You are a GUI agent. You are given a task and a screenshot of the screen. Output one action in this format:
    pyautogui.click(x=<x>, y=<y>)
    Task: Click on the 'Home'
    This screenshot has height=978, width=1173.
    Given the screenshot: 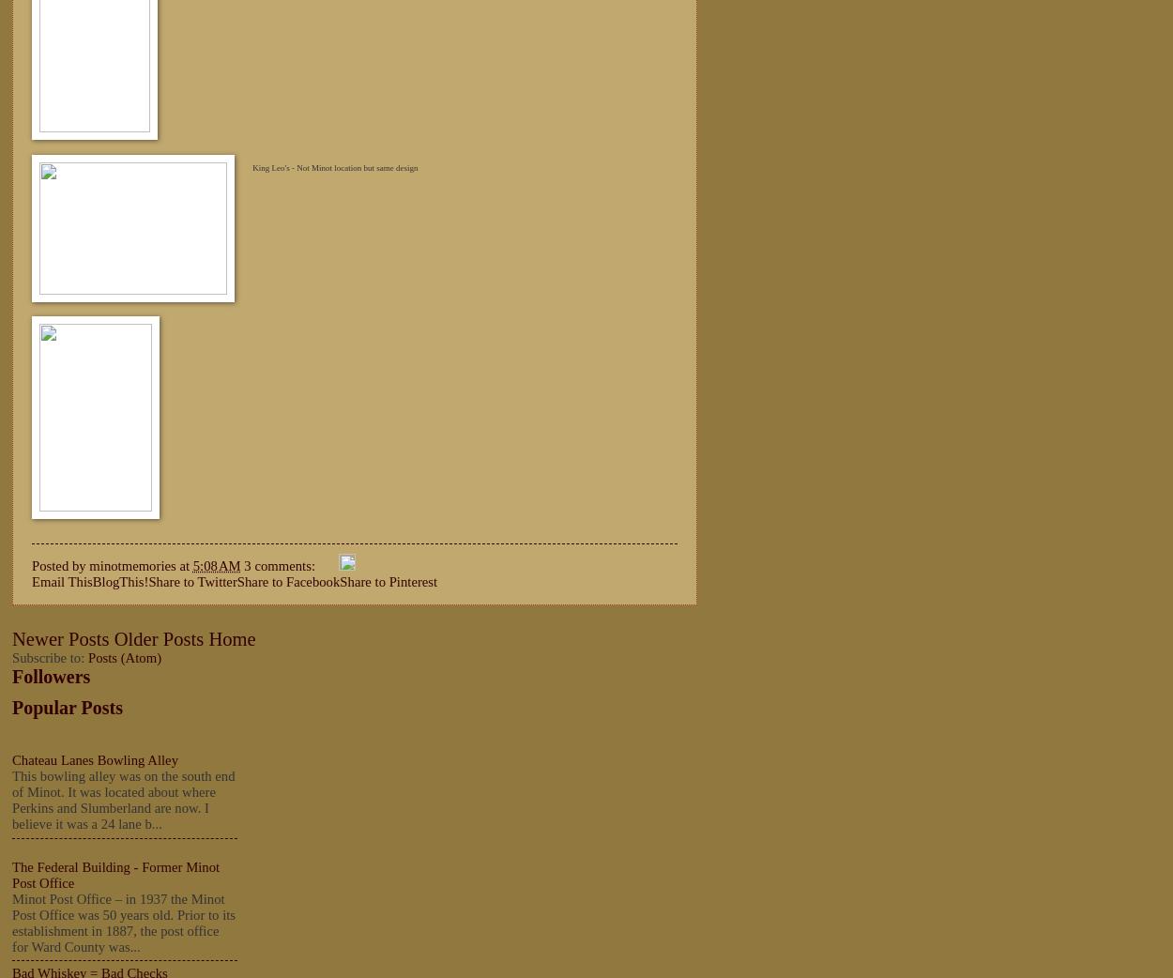 What is the action you would take?
    pyautogui.click(x=231, y=638)
    